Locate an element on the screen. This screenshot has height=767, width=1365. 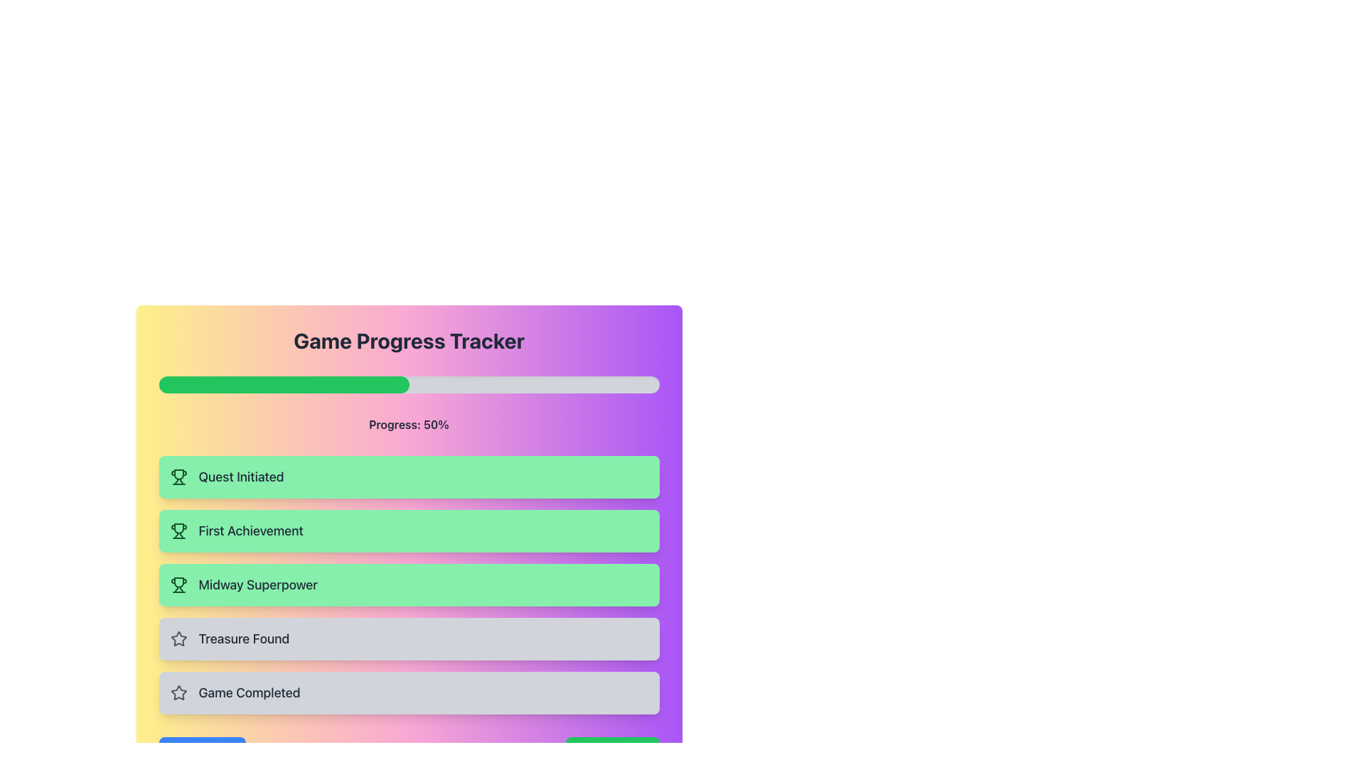
the trophy icon that symbolizes the 'First Achievement' within the 'Game Progress Tracker' interface, located to the left of the 'First Achievement' text is located at coordinates (178, 531).